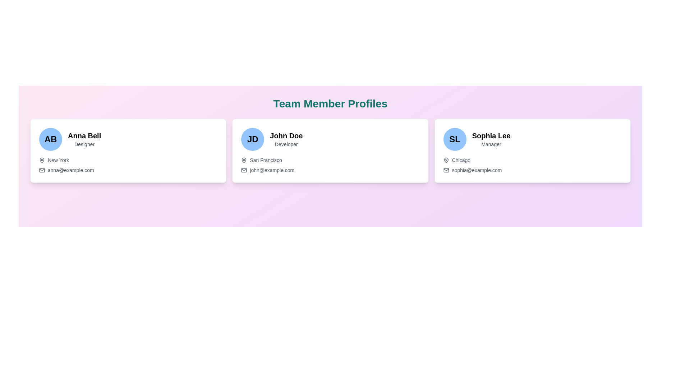 The height and width of the screenshot is (388, 690). I want to click on the text block that identifies the name and role of the individual represented in the second card, located under the avatar with initials 'JD', so click(286, 139).